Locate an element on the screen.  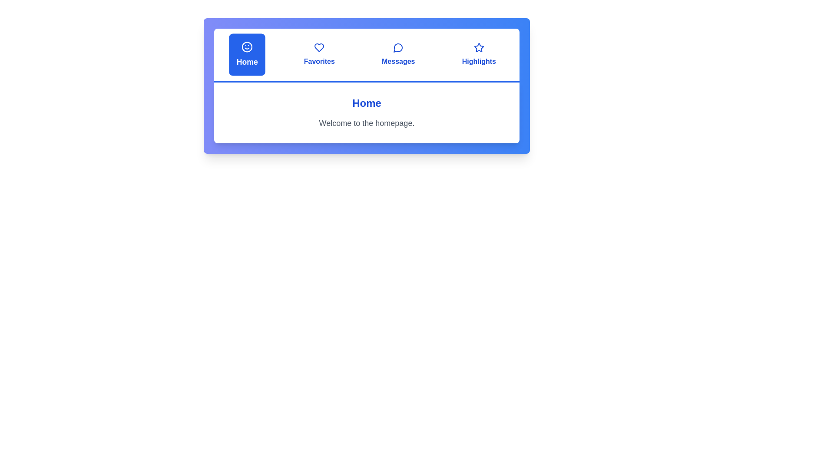
the tab labeled Highlights is located at coordinates (479, 55).